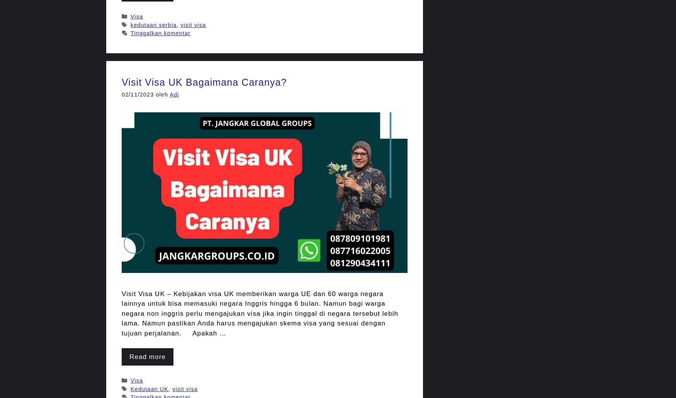  What do you see at coordinates (174, 94) in the screenshot?
I see `'Adi'` at bounding box center [174, 94].